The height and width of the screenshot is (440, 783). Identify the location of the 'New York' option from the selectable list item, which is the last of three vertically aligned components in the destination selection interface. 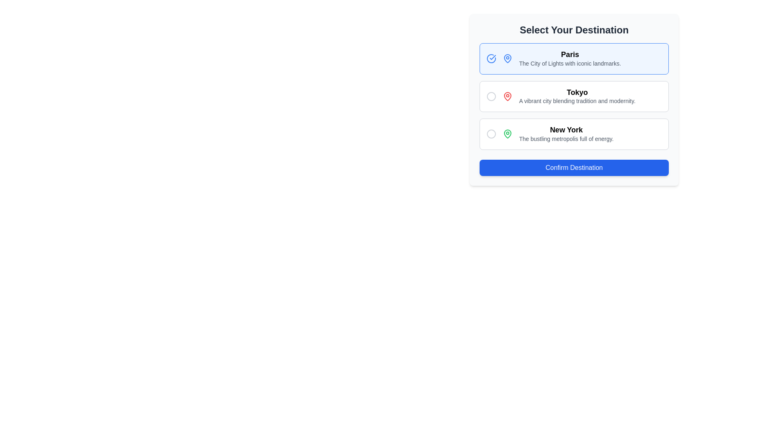
(573, 133).